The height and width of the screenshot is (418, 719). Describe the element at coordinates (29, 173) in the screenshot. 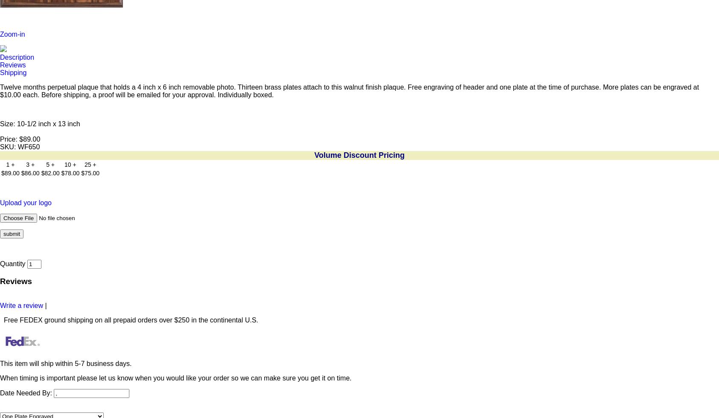

I see `'$86.00'` at that location.